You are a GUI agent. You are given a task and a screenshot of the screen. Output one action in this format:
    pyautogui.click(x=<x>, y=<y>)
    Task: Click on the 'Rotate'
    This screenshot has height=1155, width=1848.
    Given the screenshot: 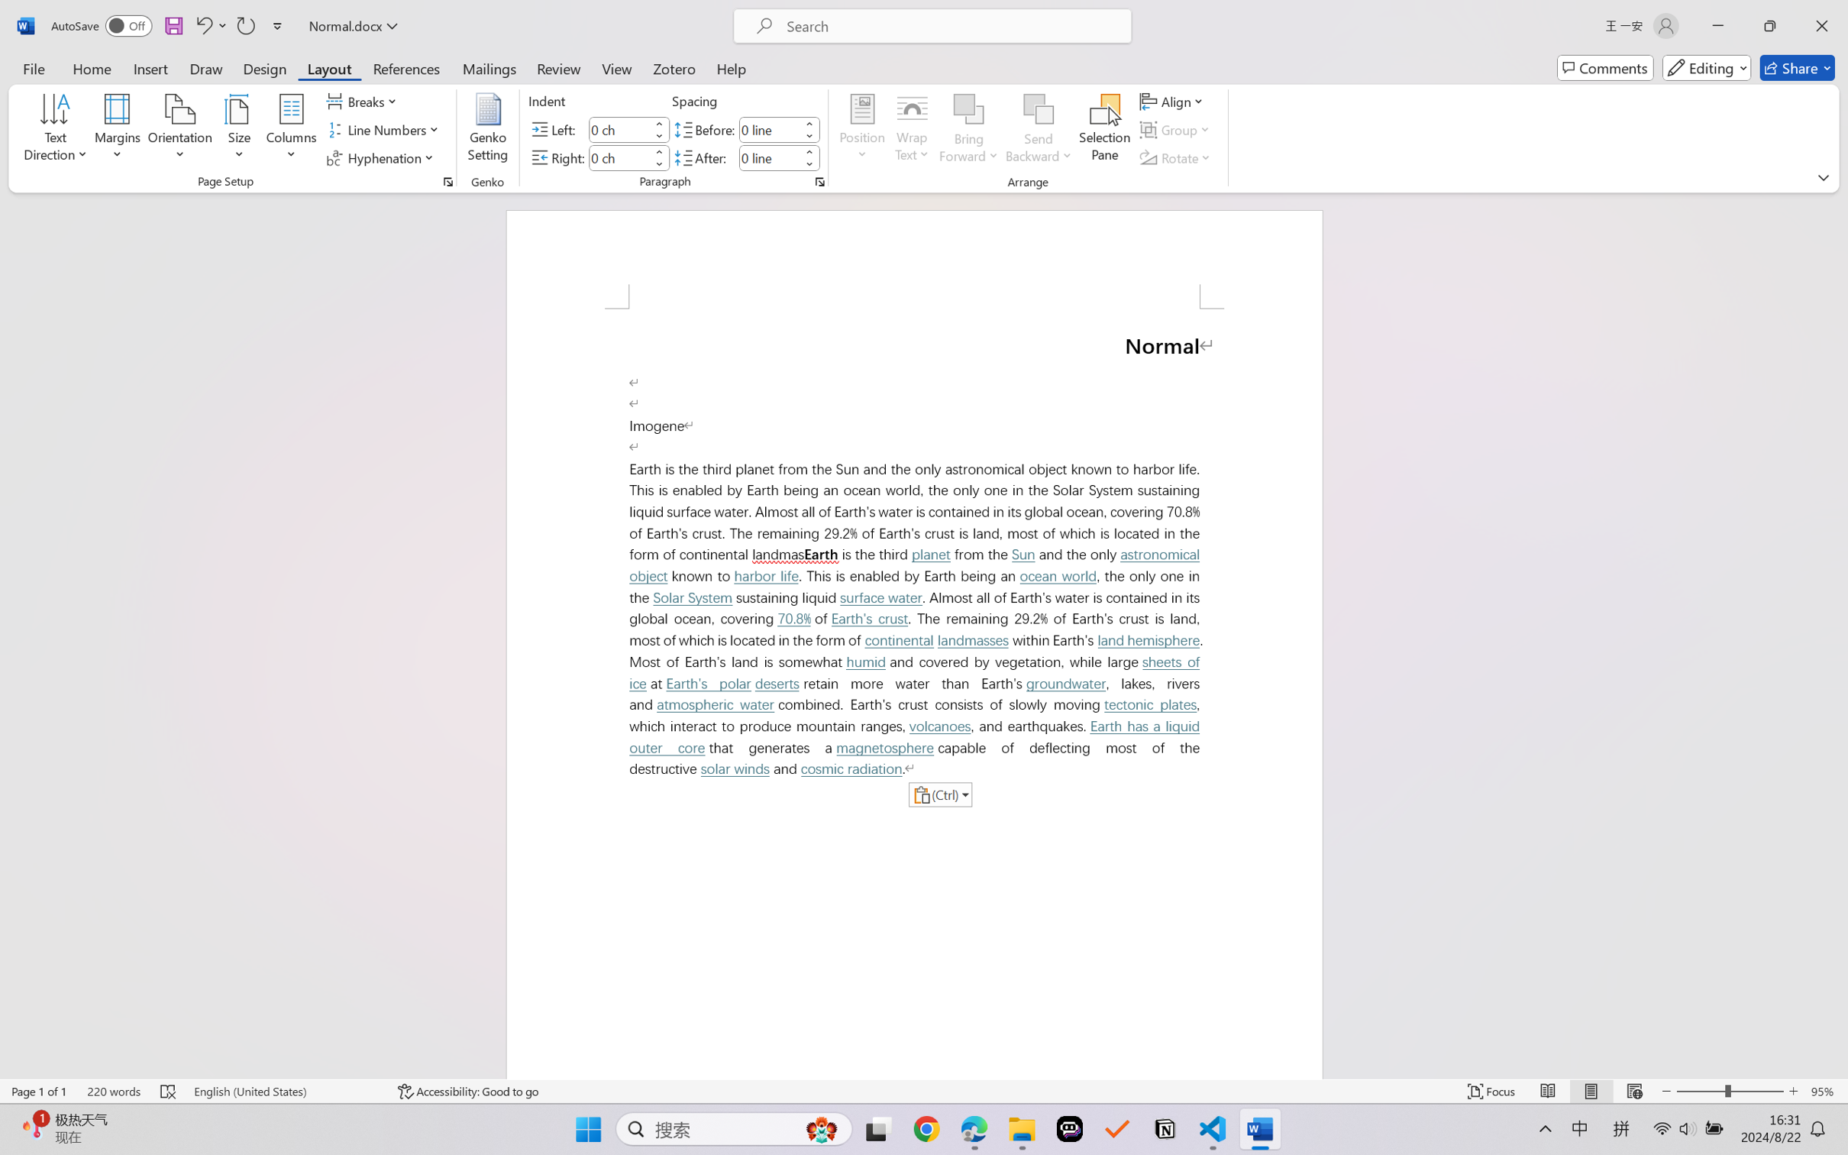 What is the action you would take?
    pyautogui.click(x=1176, y=158)
    